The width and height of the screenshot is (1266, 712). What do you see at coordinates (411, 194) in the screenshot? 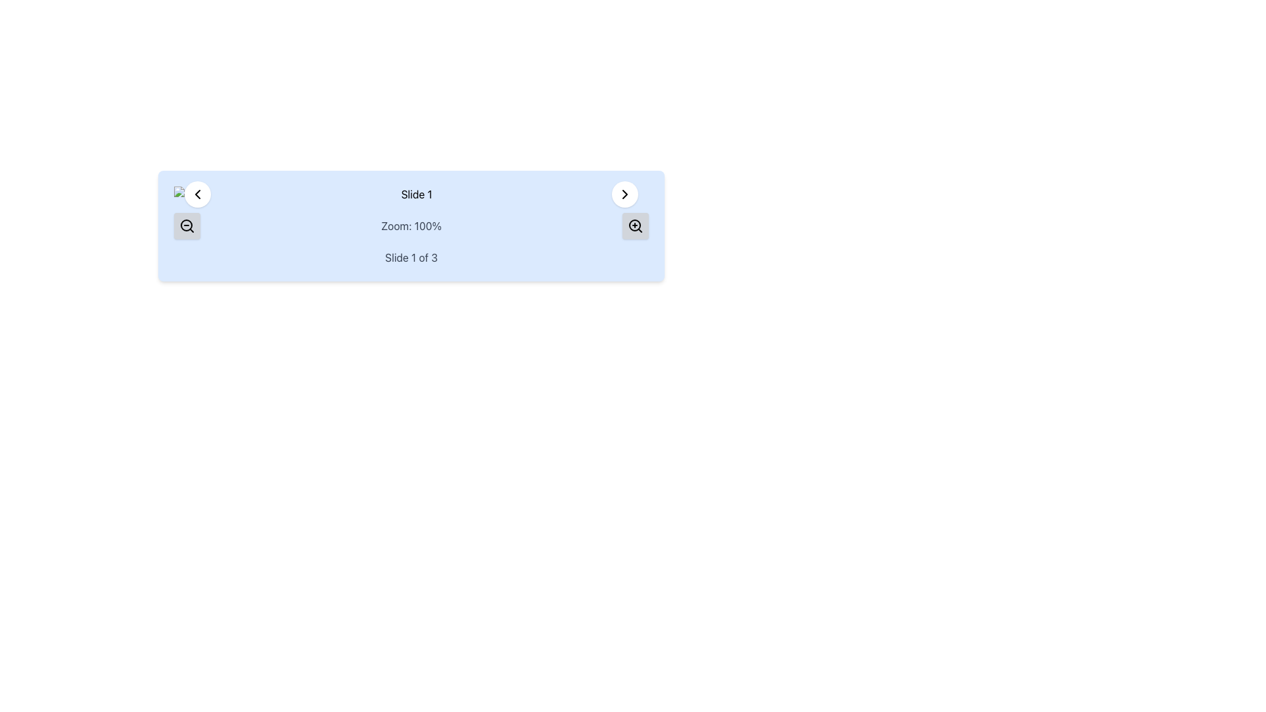
I see `the center of the image banner in the Image Viewer to focus` at bounding box center [411, 194].